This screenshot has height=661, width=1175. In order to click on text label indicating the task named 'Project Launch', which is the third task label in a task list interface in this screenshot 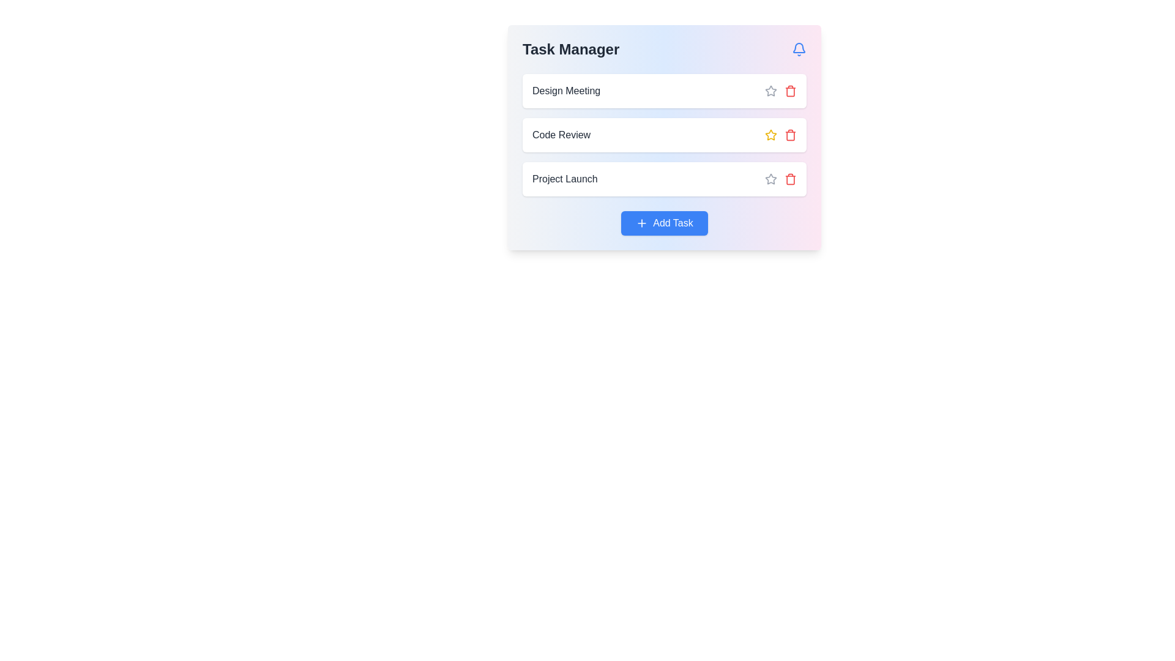, I will do `click(564, 179)`.